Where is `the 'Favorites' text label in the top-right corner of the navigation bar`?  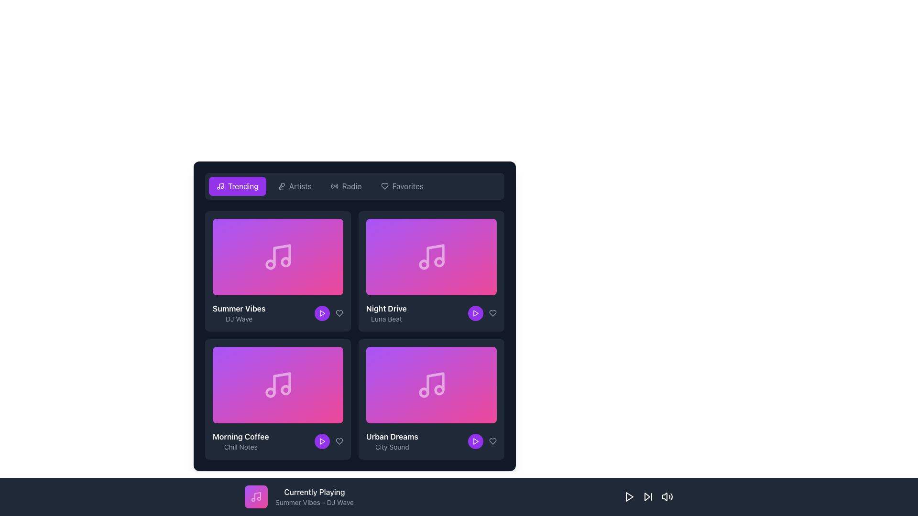
the 'Favorites' text label in the top-right corner of the navigation bar is located at coordinates (408, 186).